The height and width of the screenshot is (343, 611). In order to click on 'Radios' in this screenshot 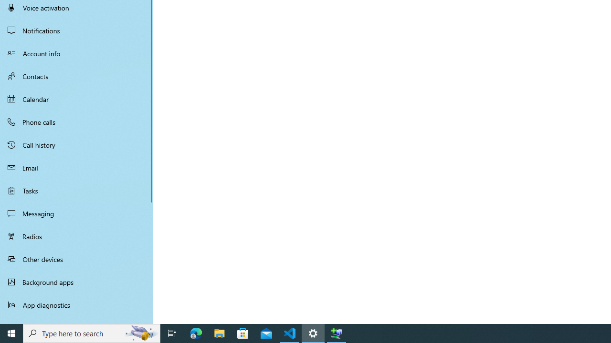, I will do `click(76, 236)`.